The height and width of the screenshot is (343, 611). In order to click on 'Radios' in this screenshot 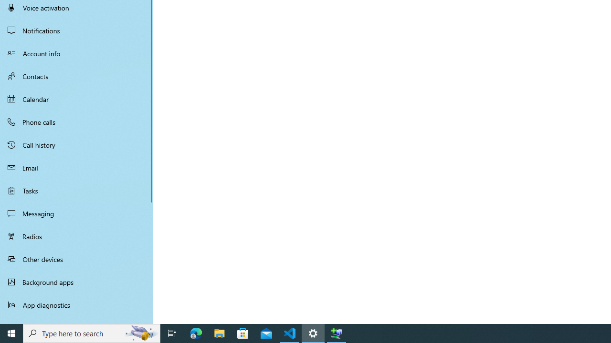, I will do `click(76, 236)`.